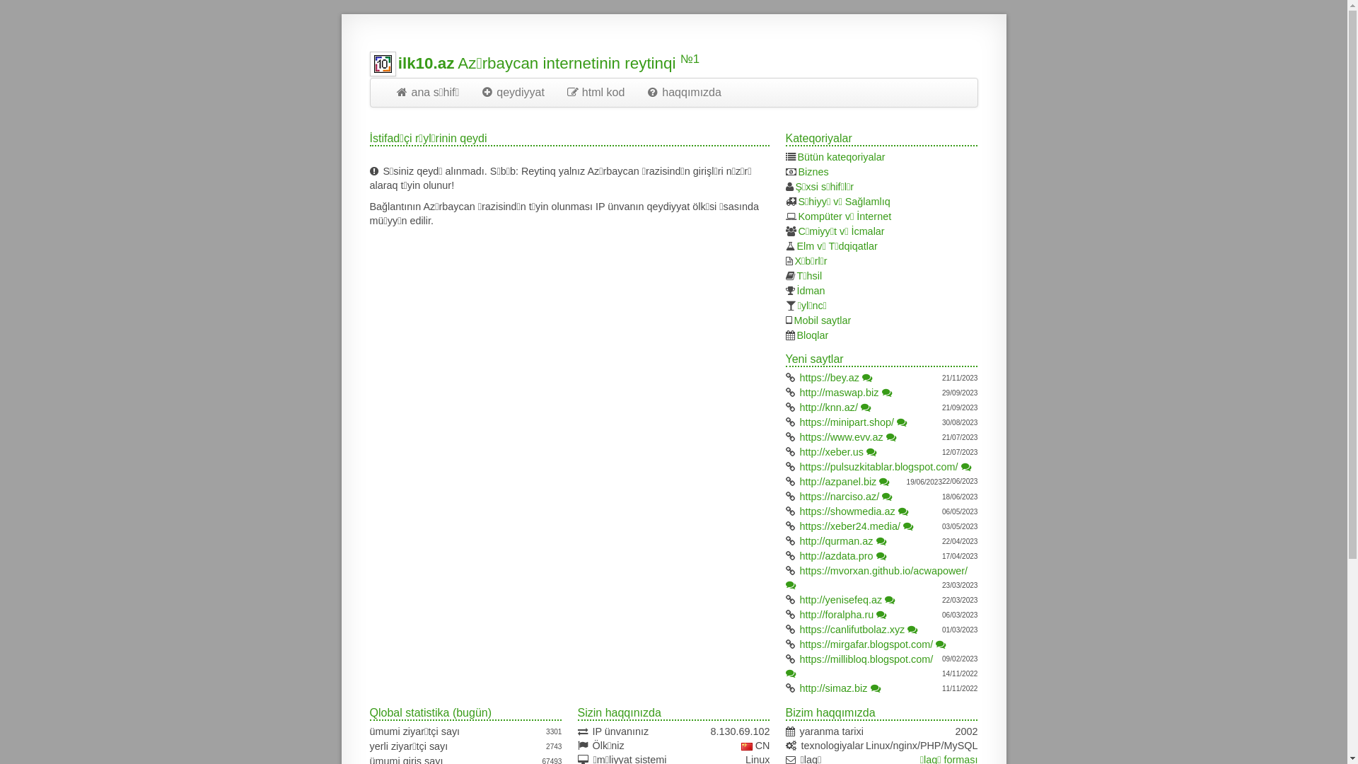  What do you see at coordinates (828, 407) in the screenshot?
I see `'http://knn.az/'` at bounding box center [828, 407].